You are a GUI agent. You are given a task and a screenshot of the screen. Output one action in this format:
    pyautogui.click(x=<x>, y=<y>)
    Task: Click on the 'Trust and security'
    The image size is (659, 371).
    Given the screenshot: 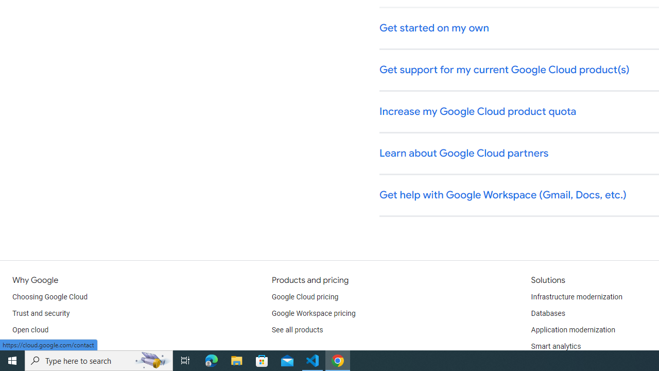 What is the action you would take?
    pyautogui.click(x=41, y=313)
    